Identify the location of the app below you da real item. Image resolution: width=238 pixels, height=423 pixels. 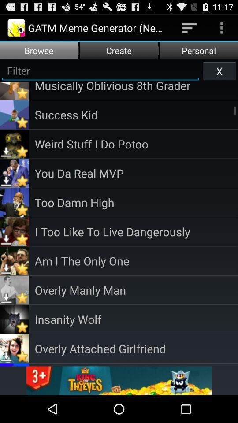
(136, 202).